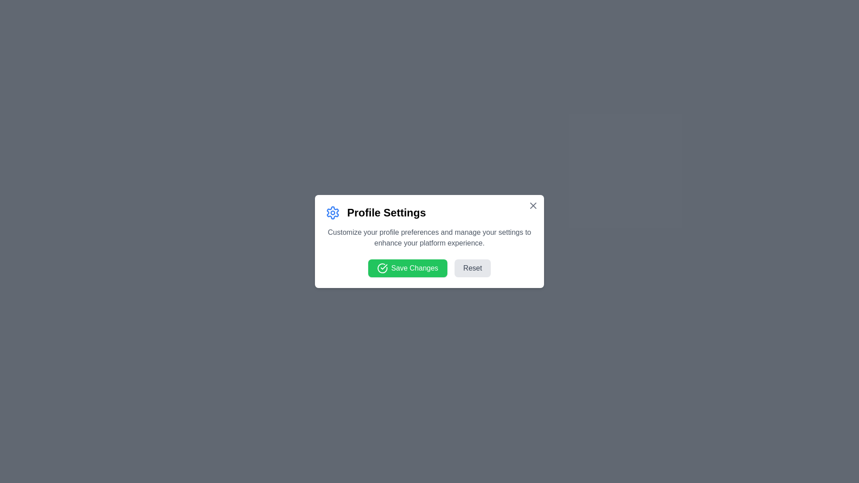 This screenshot has width=859, height=483. What do you see at coordinates (472, 268) in the screenshot?
I see `'Reset' button to revert settings to default` at bounding box center [472, 268].